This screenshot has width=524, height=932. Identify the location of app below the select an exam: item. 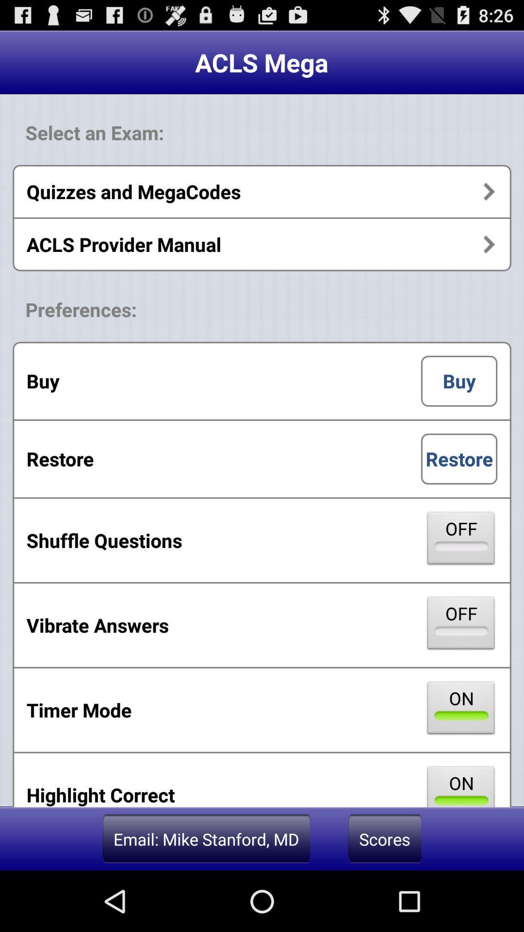
(262, 191).